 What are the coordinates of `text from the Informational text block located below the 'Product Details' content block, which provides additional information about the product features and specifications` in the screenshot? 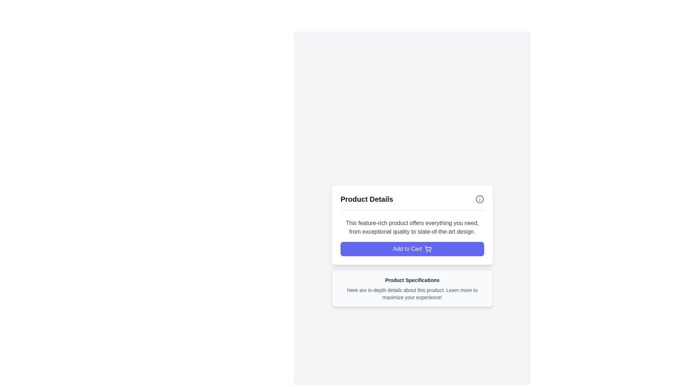 It's located at (412, 288).